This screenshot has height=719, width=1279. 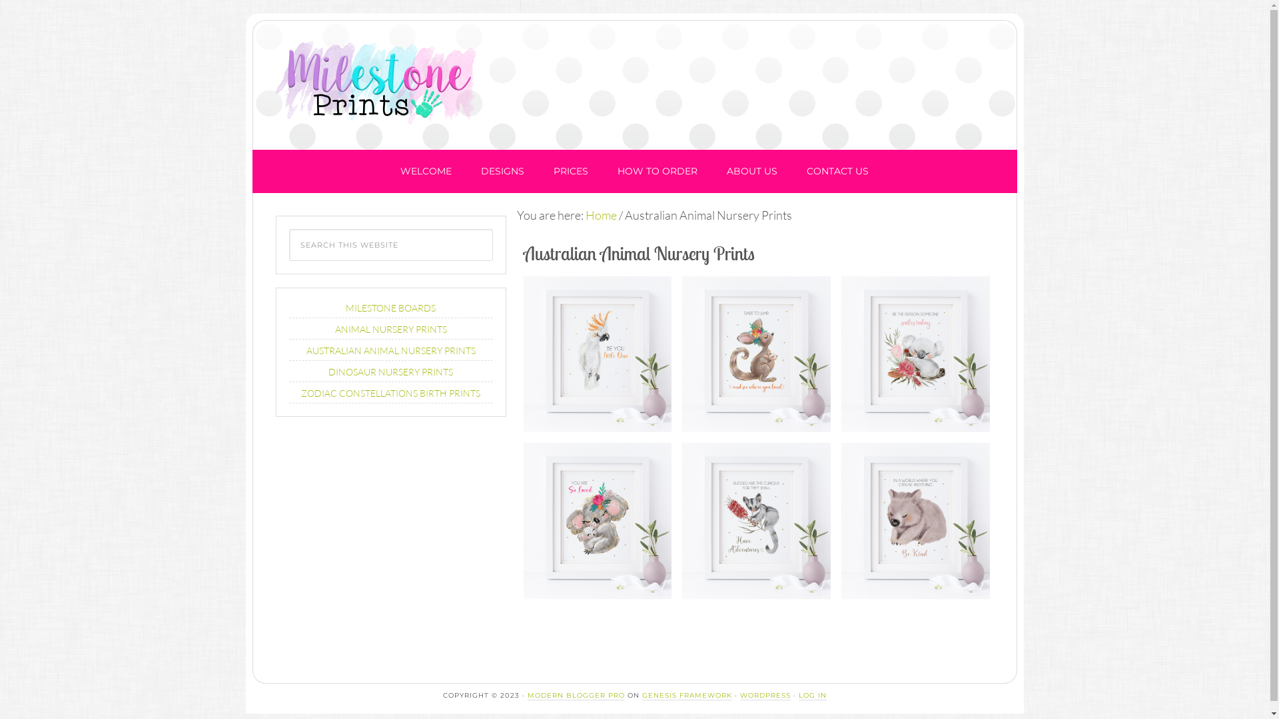 I want to click on 'ABOUT US', so click(x=751, y=170).